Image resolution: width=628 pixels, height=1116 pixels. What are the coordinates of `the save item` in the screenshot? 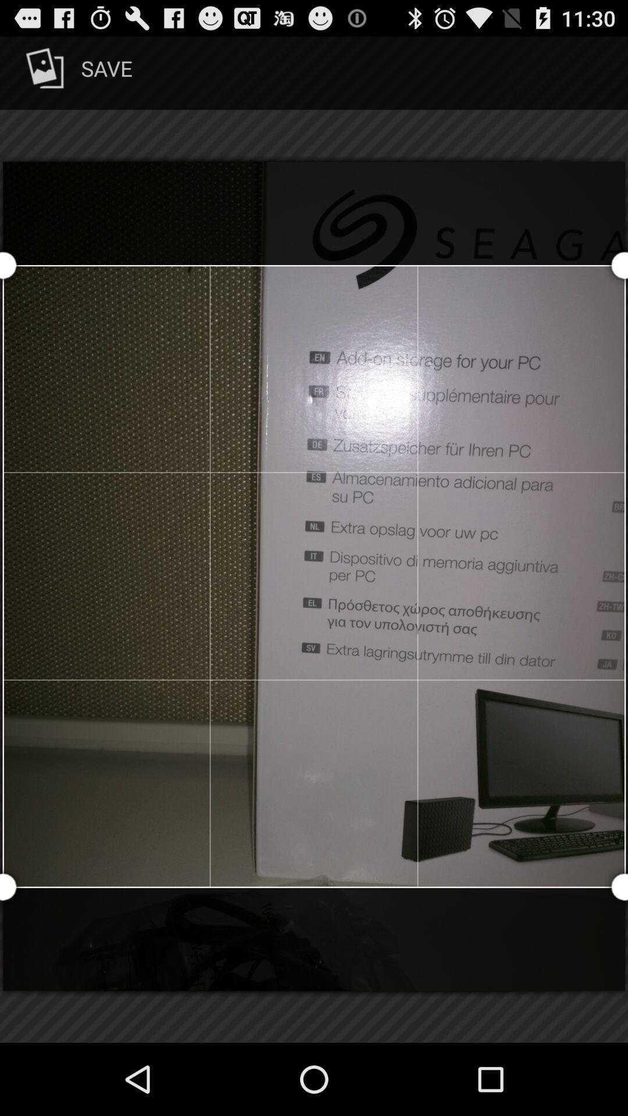 It's located at (77, 72).